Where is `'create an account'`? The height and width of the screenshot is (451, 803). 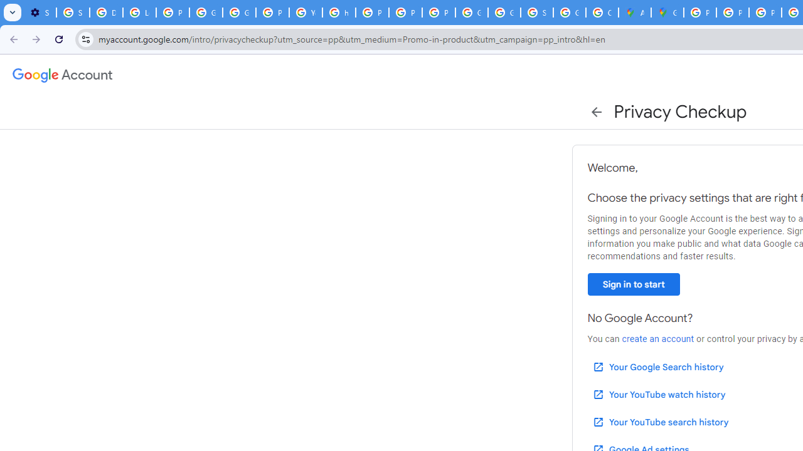 'create an account' is located at coordinates (657, 339).